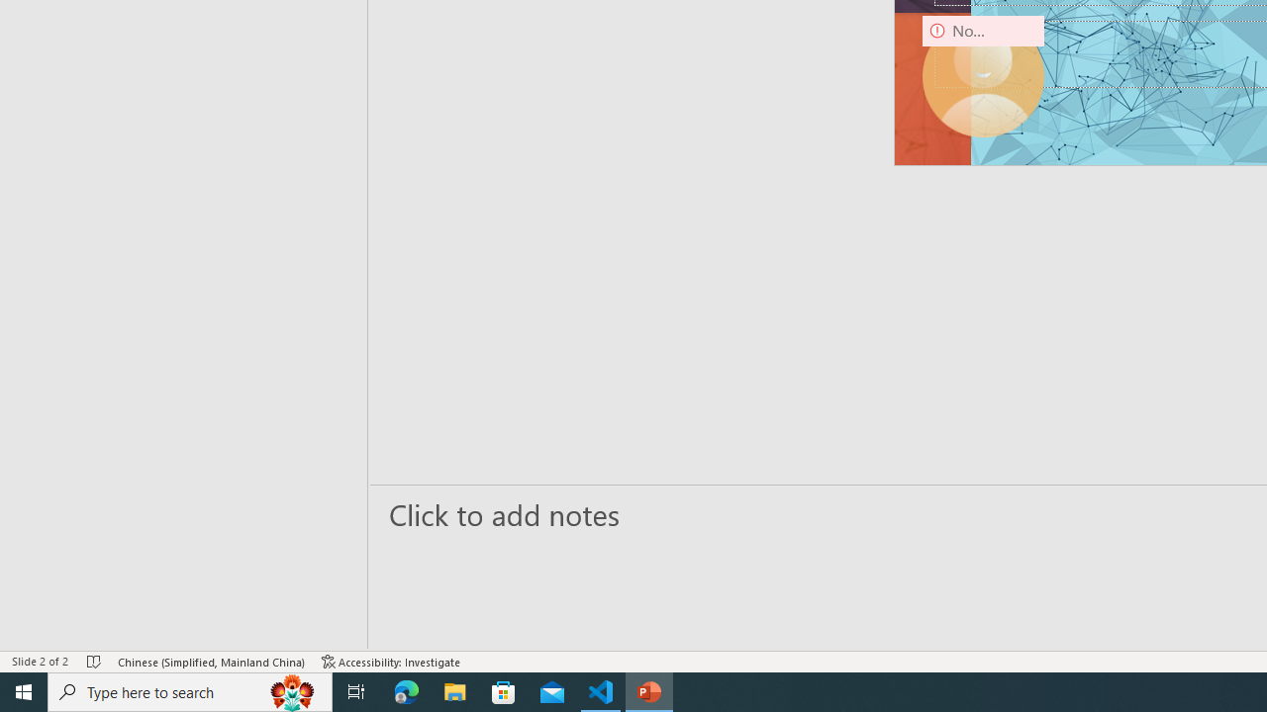 The width and height of the screenshot is (1267, 712). Describe the element at coordinates (391, 662) in the screenshot. I see `'Accessibility Checker Accessibility: Investigate'` at that location.